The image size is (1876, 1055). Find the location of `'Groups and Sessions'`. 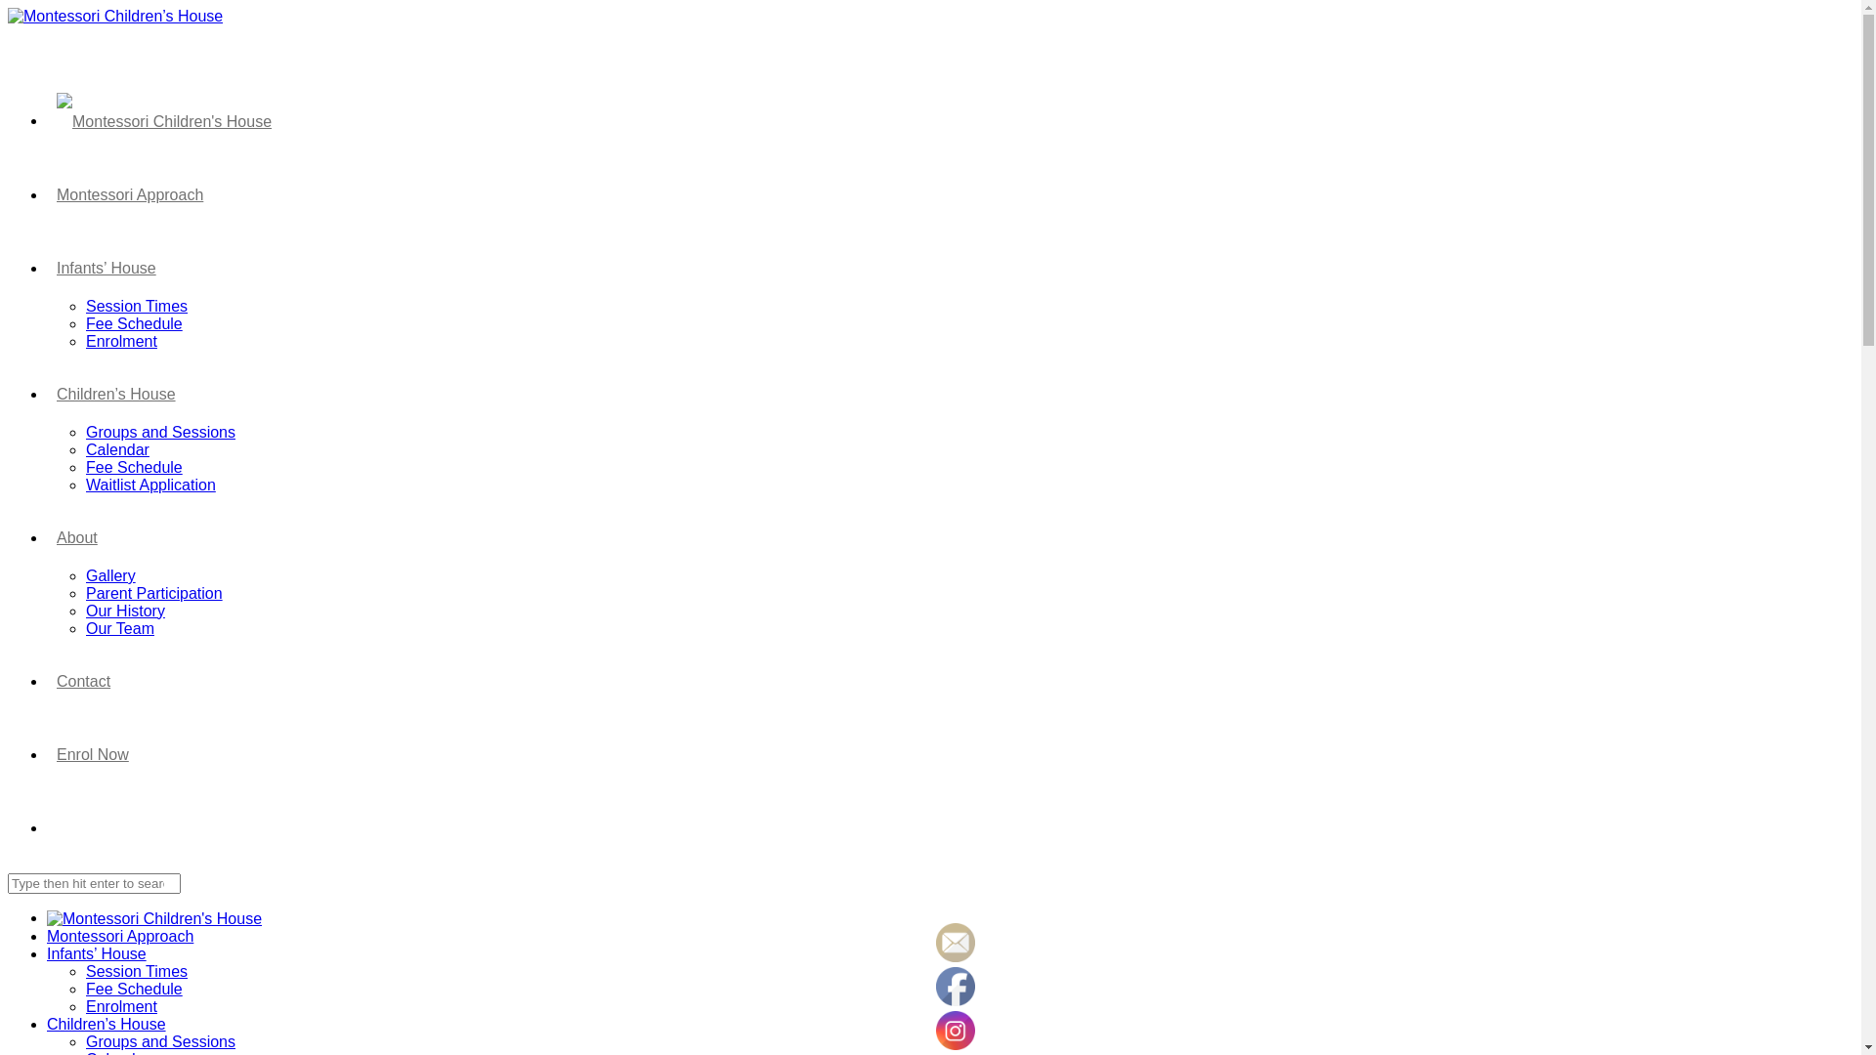

'Groups and Sessions' is located at coordinates (160, 431).